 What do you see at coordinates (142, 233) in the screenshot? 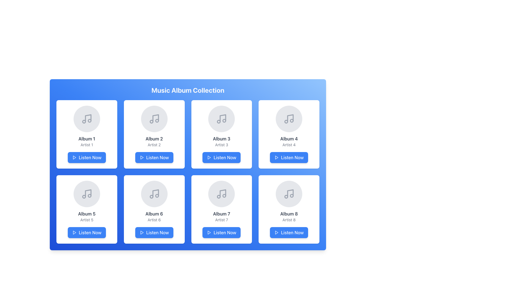
I see `the play icon located to the left of the 'Listen Now' text in the button under 'Album 6' in the Music Album Collection interface` at bounding box center [142, 233].